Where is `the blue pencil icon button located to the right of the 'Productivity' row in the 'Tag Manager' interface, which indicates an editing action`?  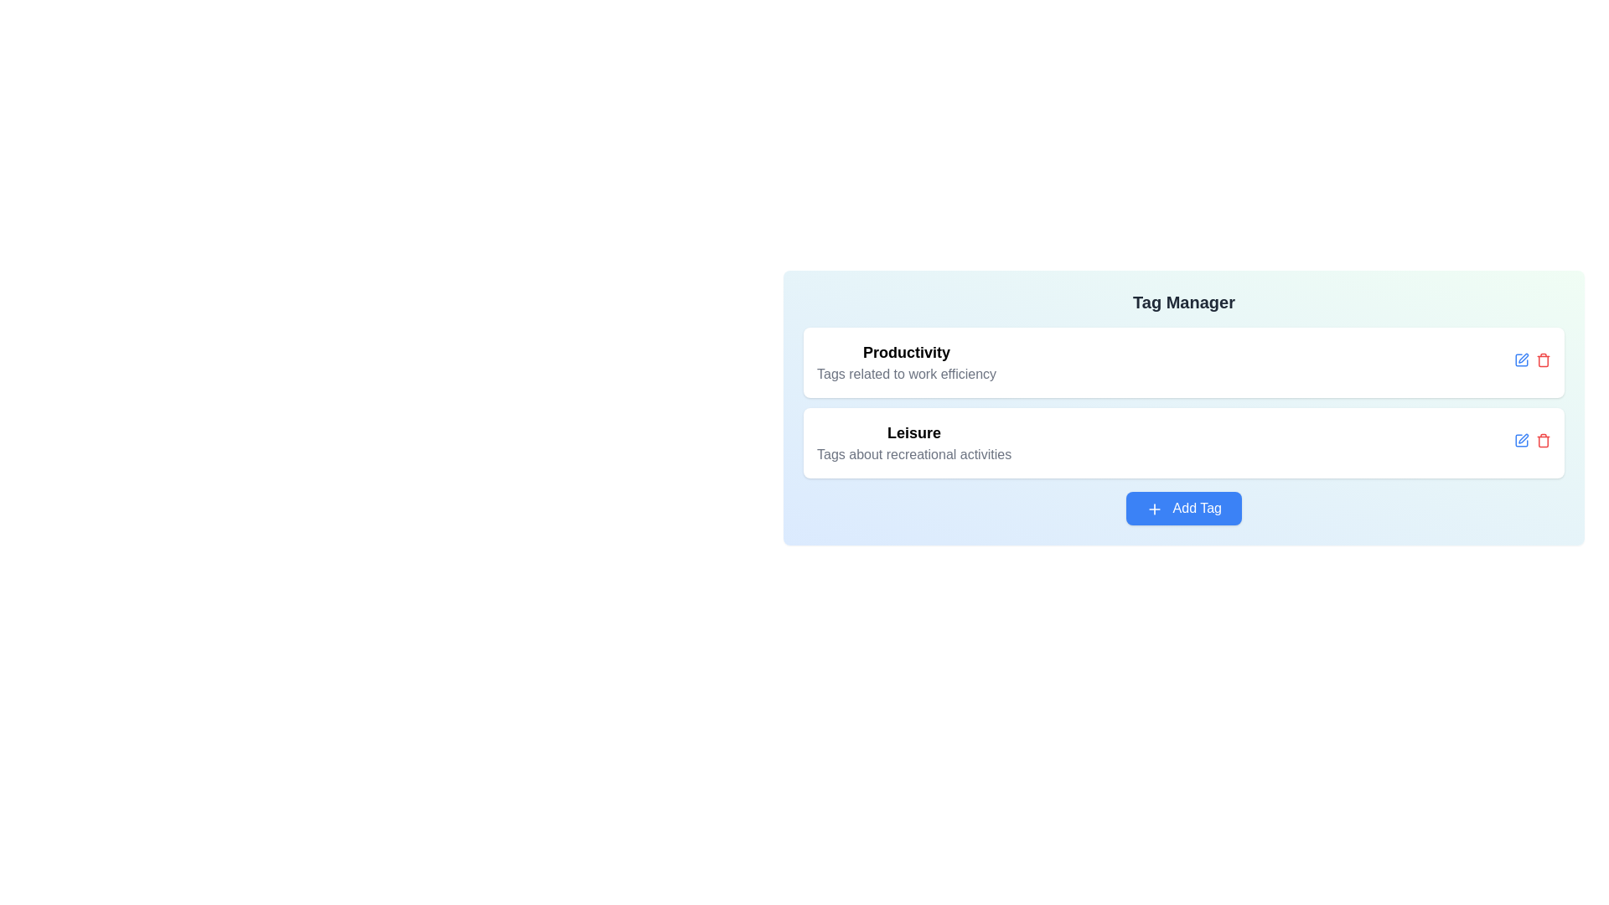
the blue pencil icon button located to the right of the 'Productivity' row in the 'Tag Manager' interface, which indicates an editing action is located at coordinates (1521, 359).